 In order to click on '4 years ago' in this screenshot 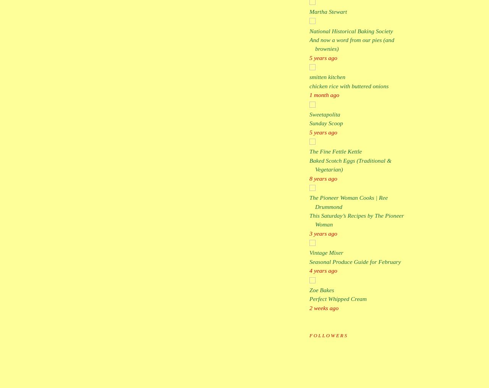, I will do `click(323, 270)`.